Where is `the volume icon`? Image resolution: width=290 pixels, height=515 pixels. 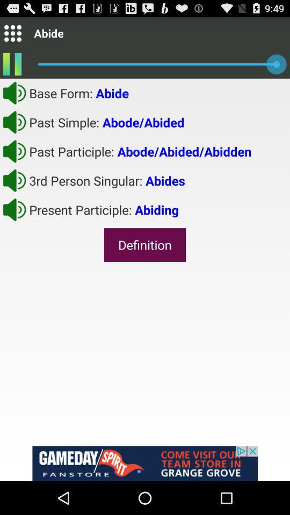
the volume icon is located at coordinates (14, 162).